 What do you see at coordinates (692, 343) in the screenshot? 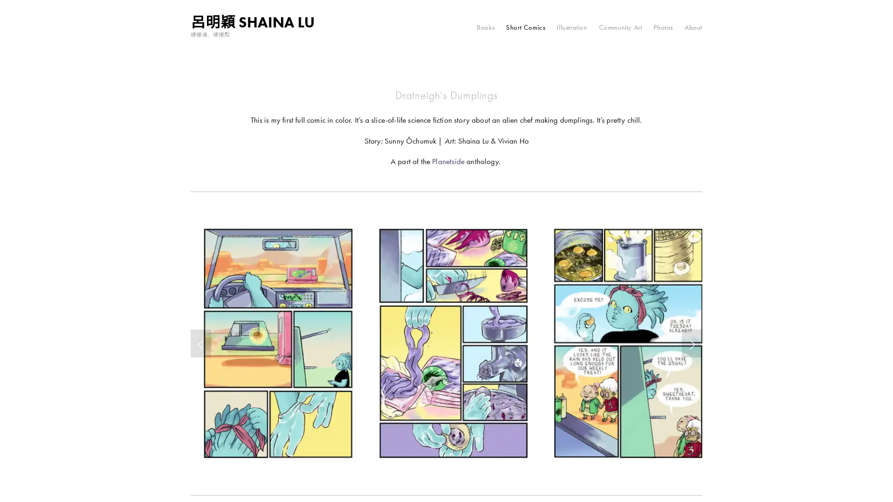
I see `Next Slide` at bounding box center [692, 343].